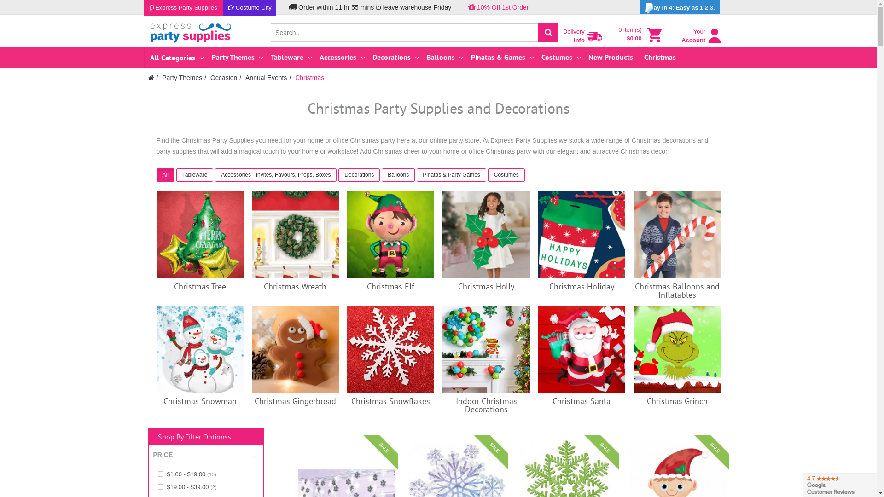 This screenshot has width=884, height=497. I want to click on 'Party Themes', so click(182, 77).